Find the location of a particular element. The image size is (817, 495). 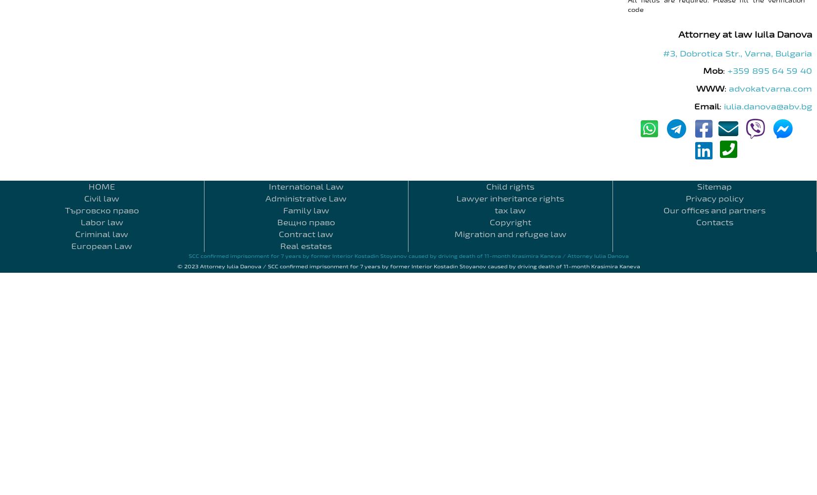

'Migration and refugee law' is located at coordinates (510, 234).